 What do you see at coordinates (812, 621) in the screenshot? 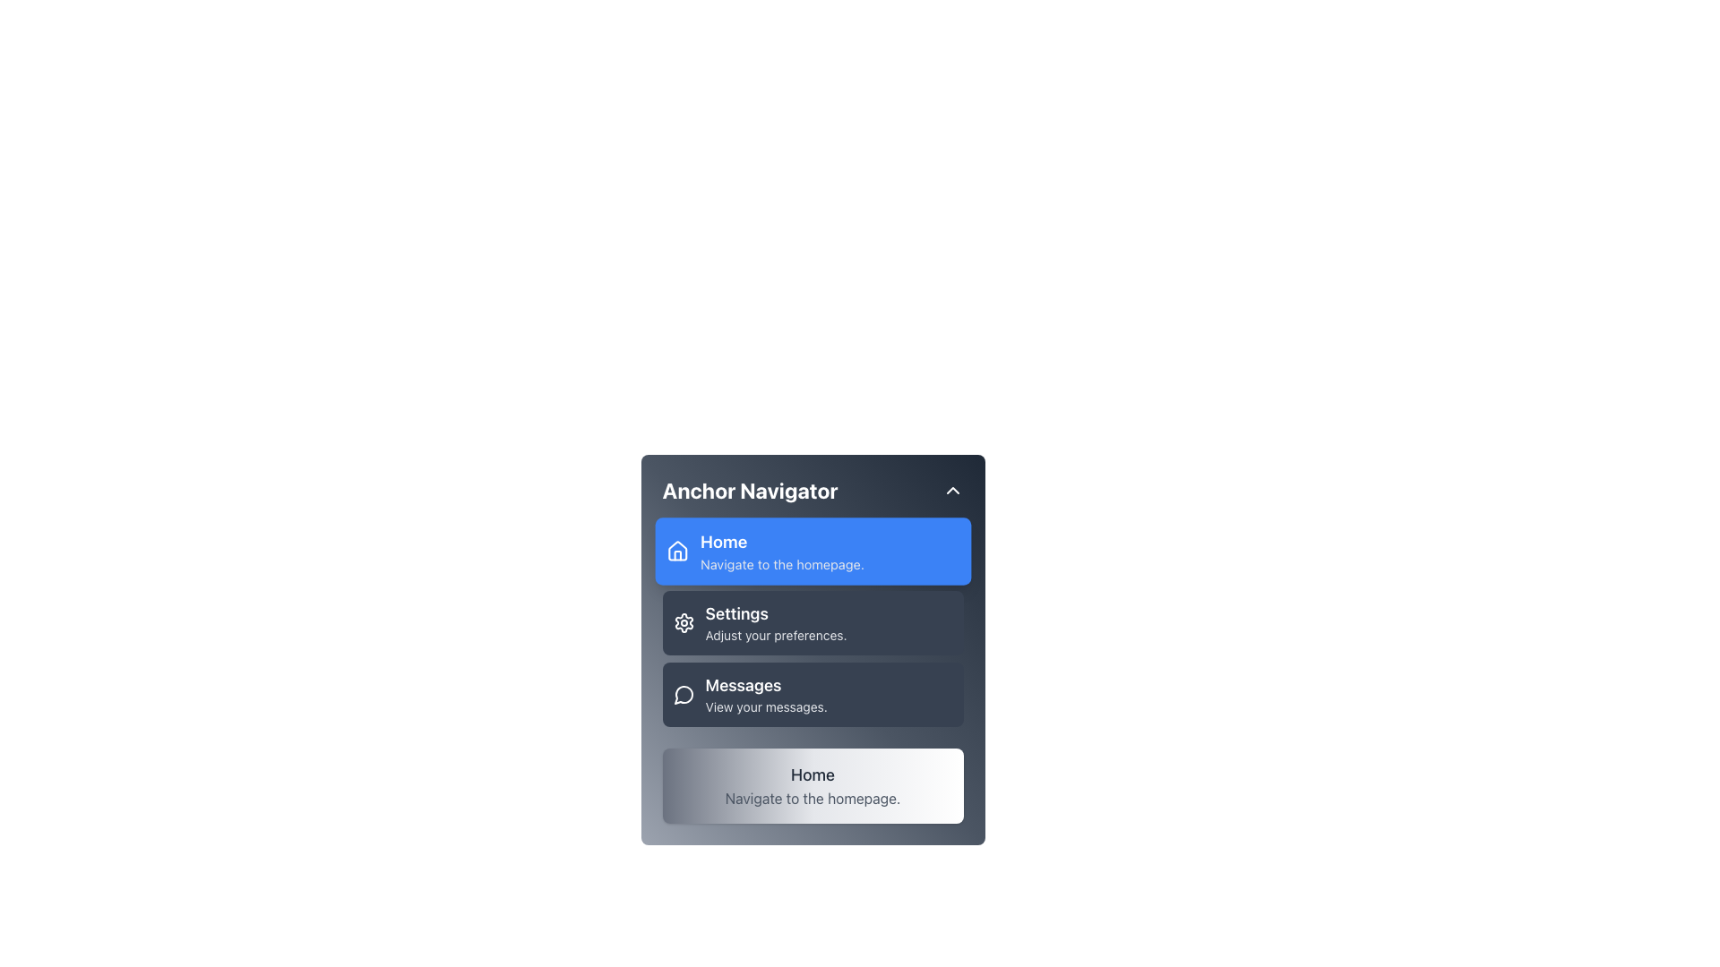
I see `the highlighted 'Settings' option in the vertical list of options within the 'Anchor Navigator'` at bounding box center [812, 621].